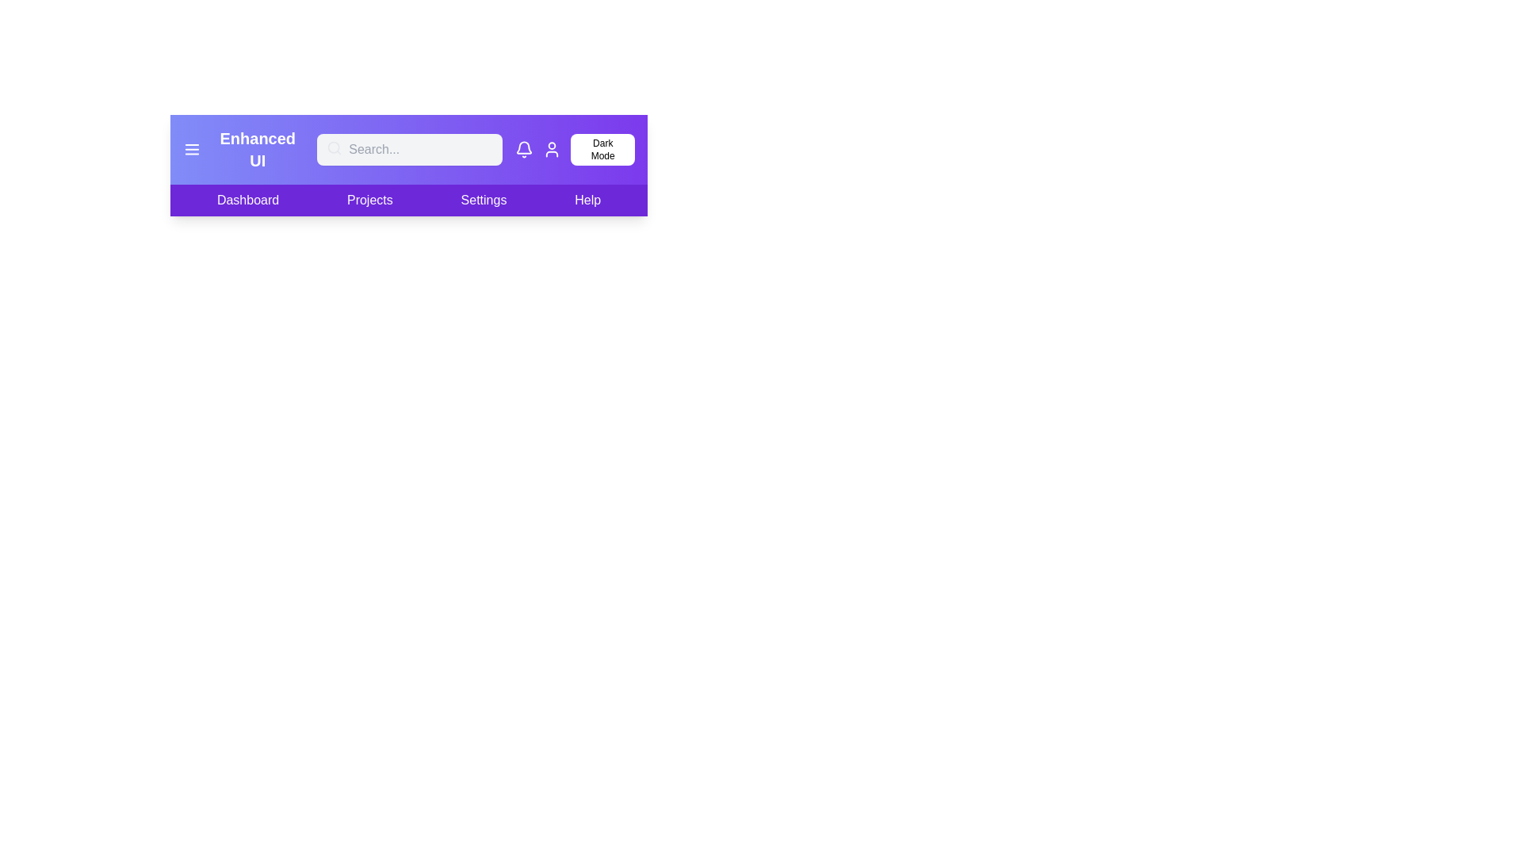 The height and width of the screenshot is (856, 1522). I want to click on the user icon in the app bar, so click(552, 150).